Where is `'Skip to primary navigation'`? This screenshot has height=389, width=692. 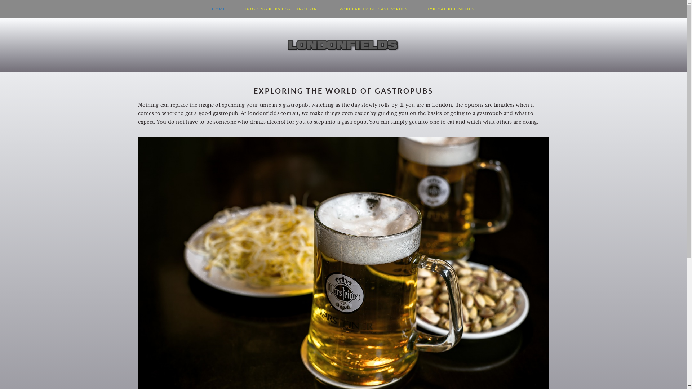 'Skip to primary navigation' is located at coordinates (0, 0).